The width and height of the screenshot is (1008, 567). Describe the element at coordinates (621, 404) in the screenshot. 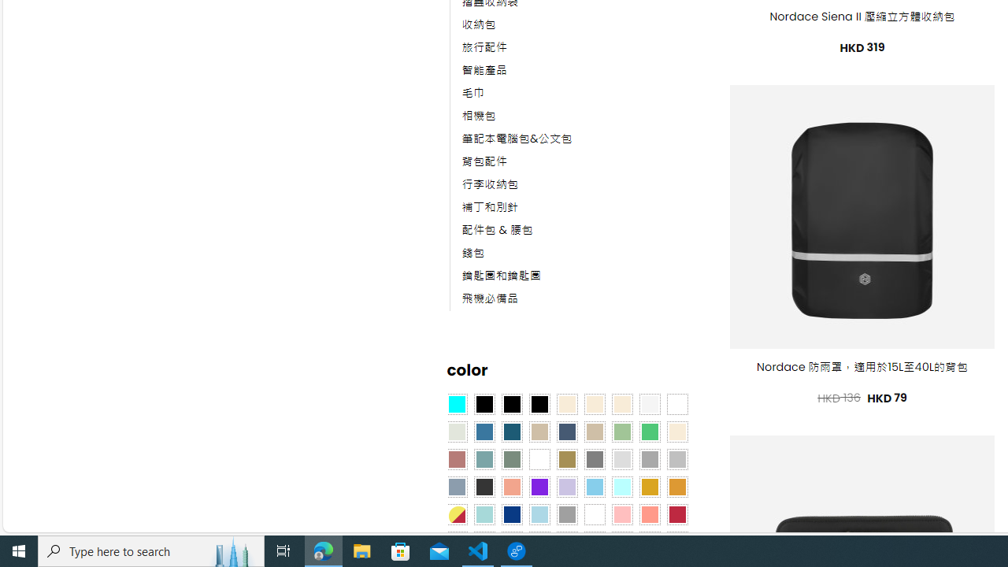

I see `'Cream'` at that location.